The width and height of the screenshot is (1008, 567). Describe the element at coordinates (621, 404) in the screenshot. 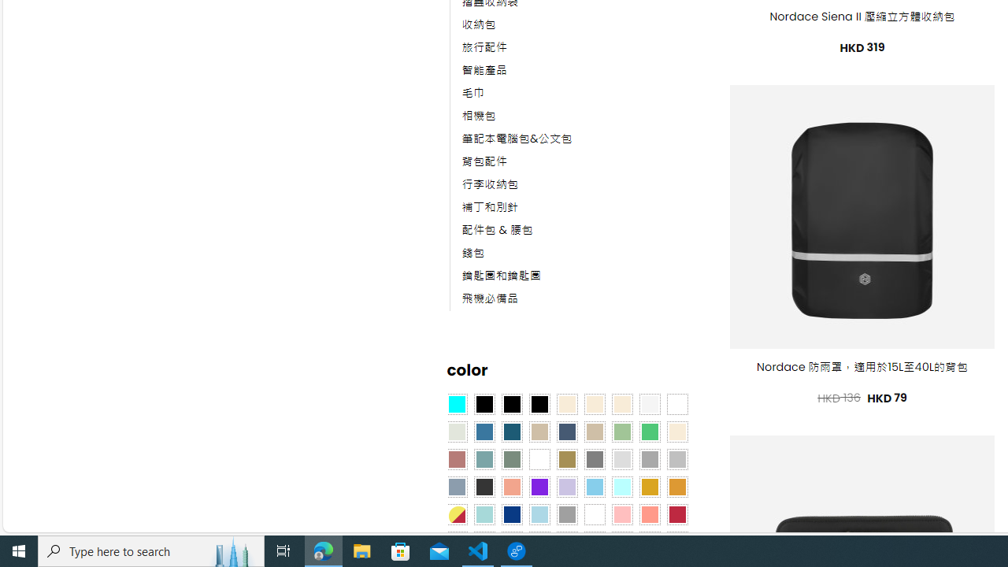

I see `'Cream'` at that location.